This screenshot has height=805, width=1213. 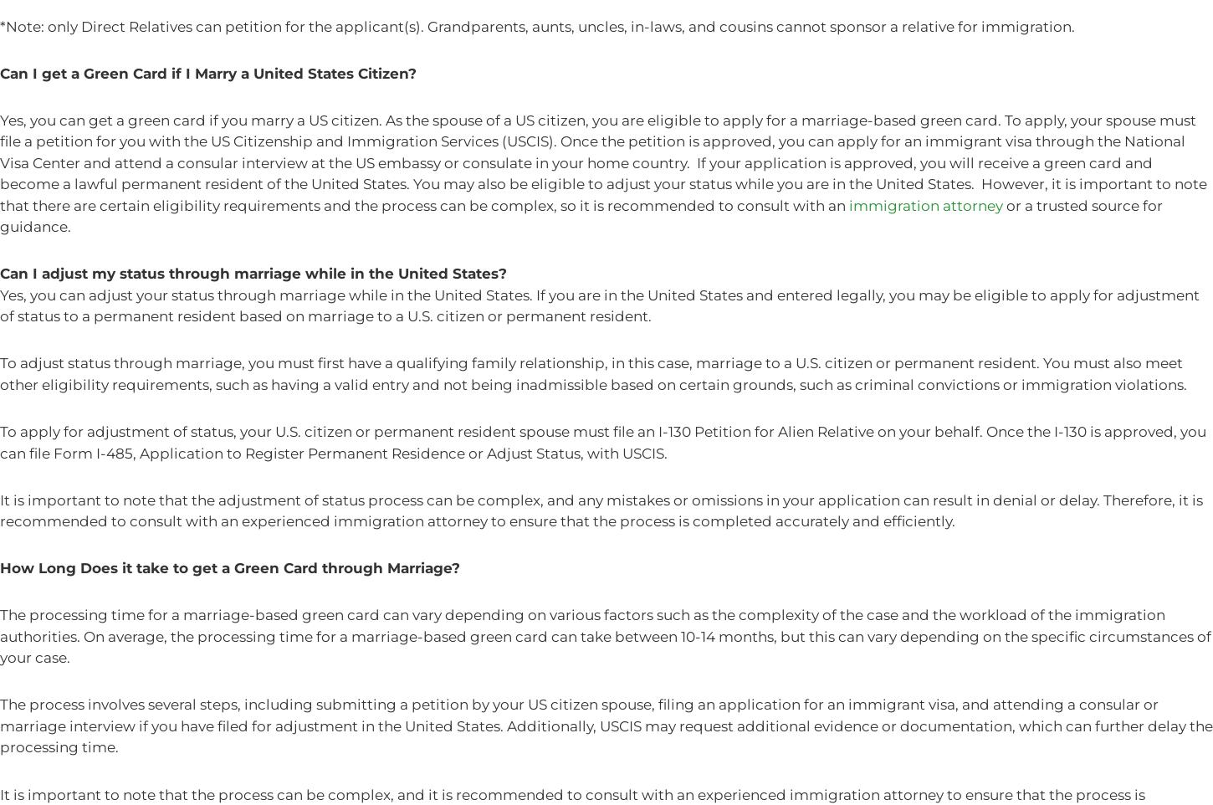 I want to click on 'The processing time for a marriage-based green card can vary depending on various factors such as the complexity of the case and the workload of the immigration authorities. On average, the processing time for a marriage-based green card can take between 10-14 months, but this can vary depending on the specific circumstances of your case.', so click(x=604, y=636).